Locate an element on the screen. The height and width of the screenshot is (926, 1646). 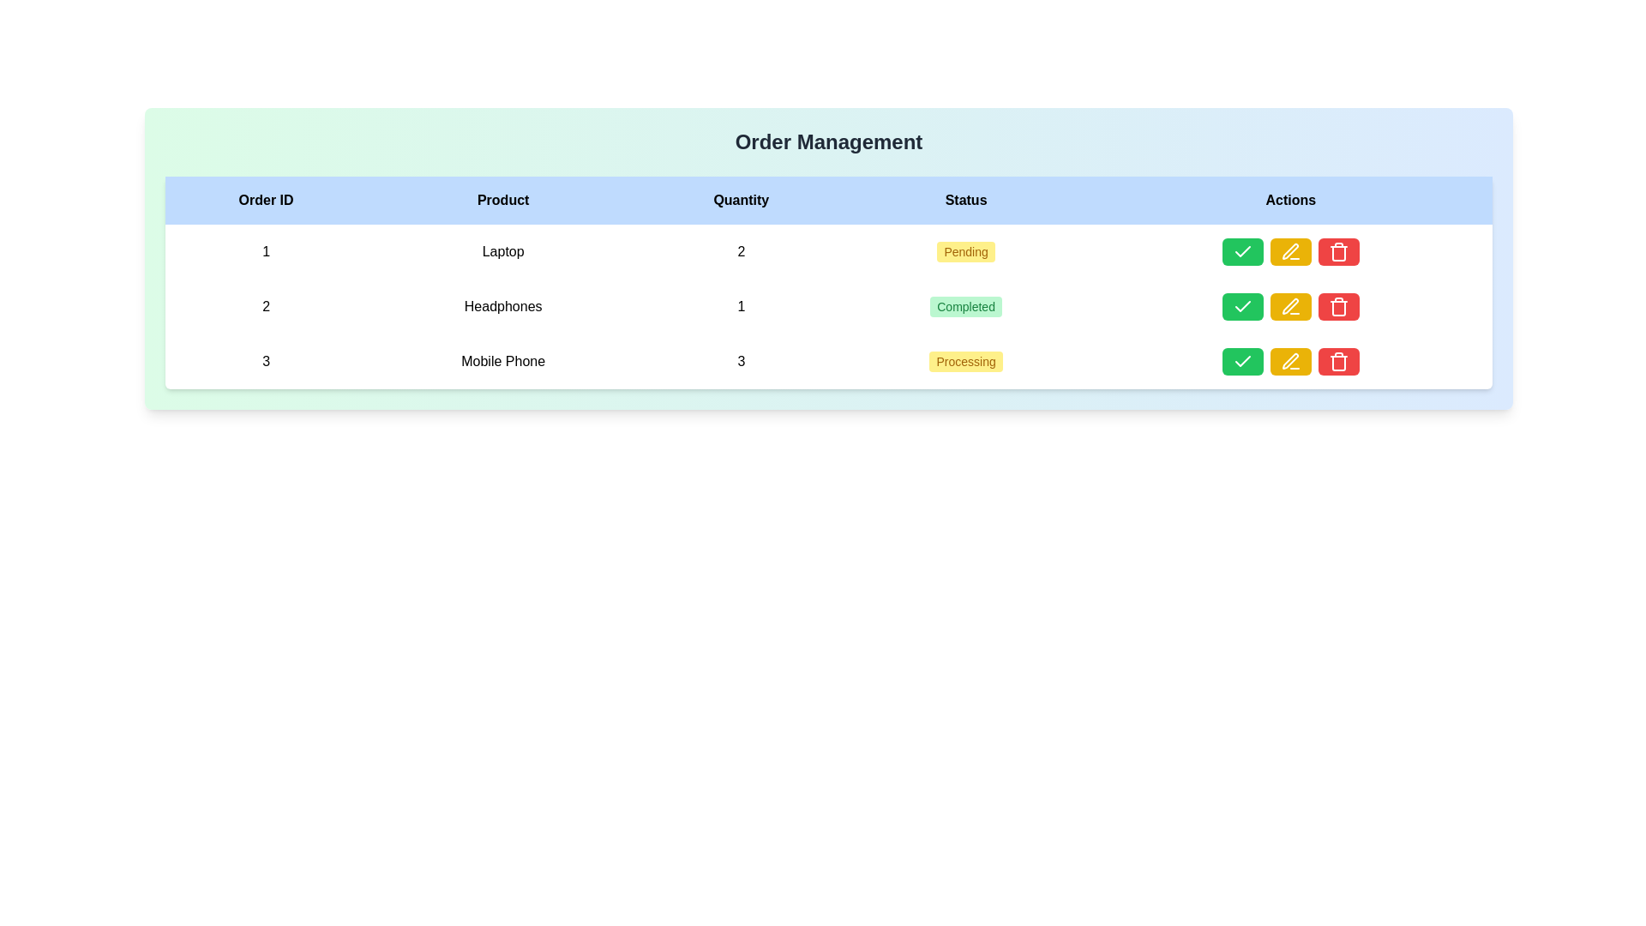
the 'Delete' button with a trash can icon, which is the third button in the row of action buttons for the third row of the table is located at coordinates (1337, 306).